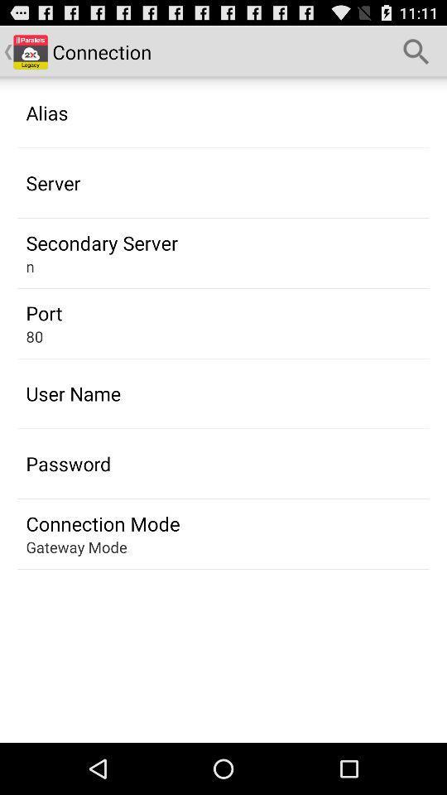  What do you see at coordinates (67, 464) in the screenshot?
I see `app above the connection mode icon` at bounding box center [67, 464].